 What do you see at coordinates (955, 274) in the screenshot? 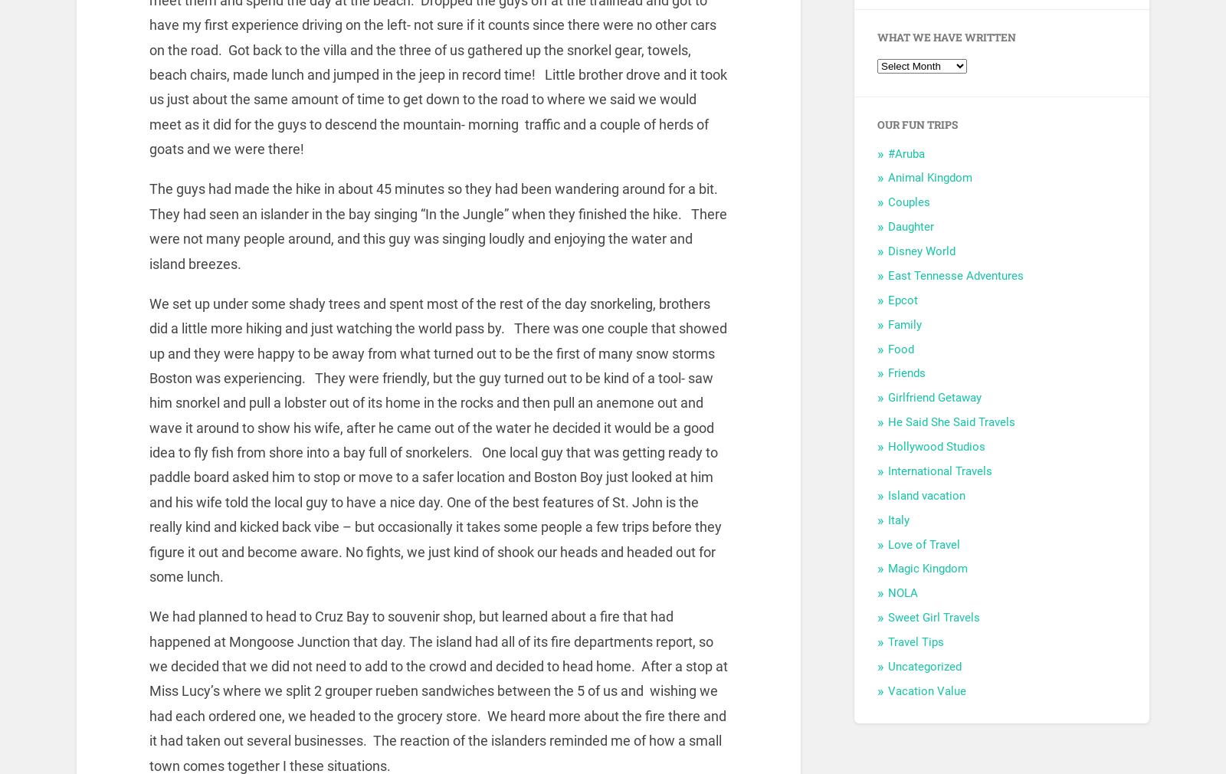
I see `'East Tennesse Adventures'` at bounding box center [955, 274].